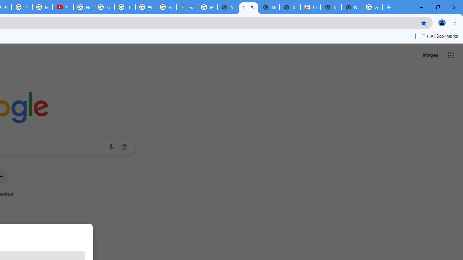  Describe the element at coordinates (166, 7) in the screenshot. I see `'Explore new street-level details - Google Maps Help'` at that location.